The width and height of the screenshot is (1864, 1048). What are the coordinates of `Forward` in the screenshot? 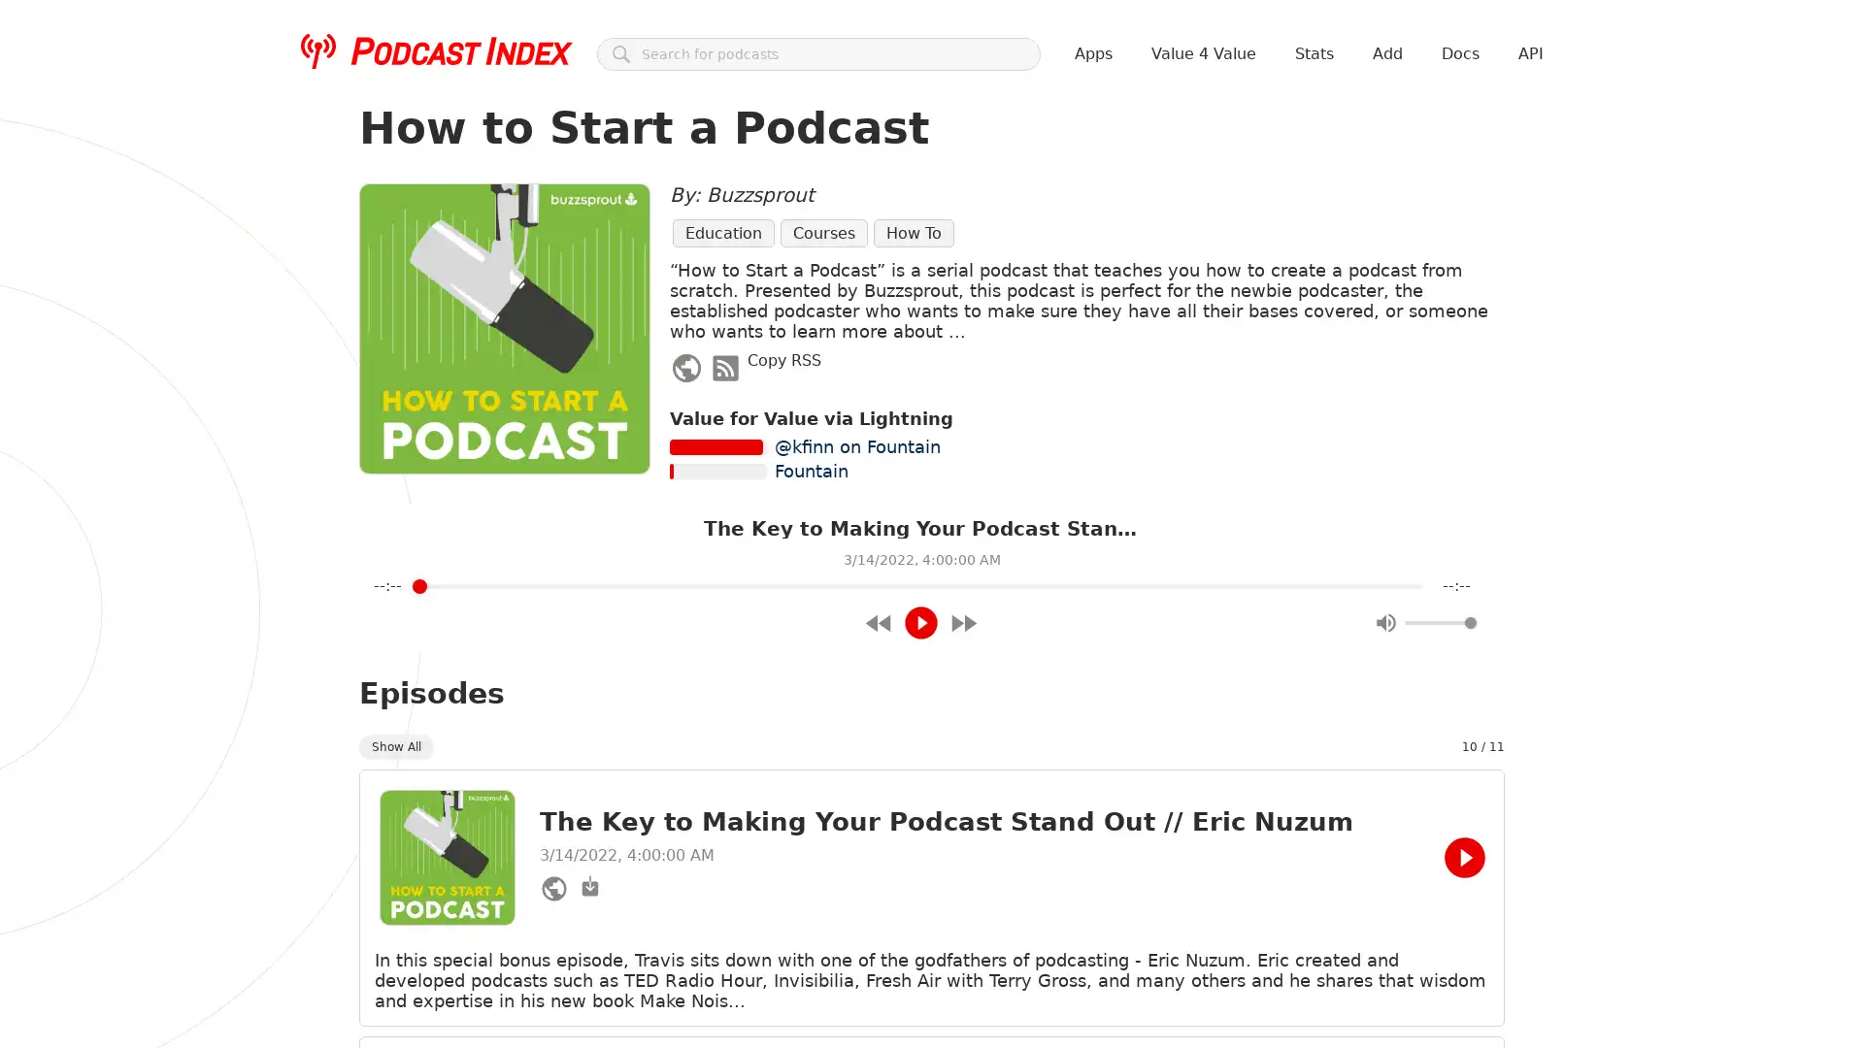 It's located at (963, 622).